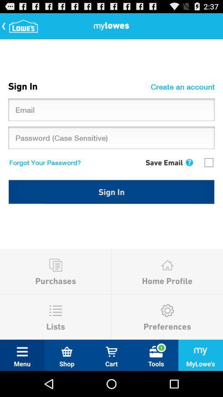 Image resolution: width=223 pixels, height=397 pixels. I want to click on the item next to save email item, so click(189, 162).